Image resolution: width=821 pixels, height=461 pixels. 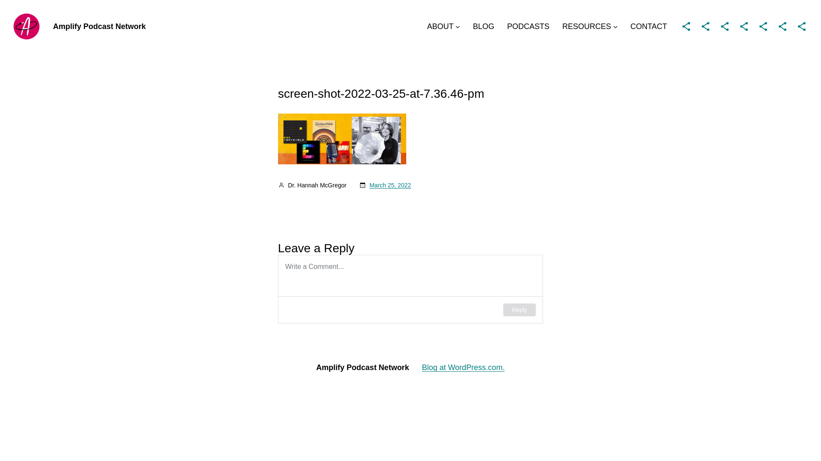 What do you see at coordinates (648, 26) in the screenshot?
I see `'CONTACT'` at bounding box center [648, 26].